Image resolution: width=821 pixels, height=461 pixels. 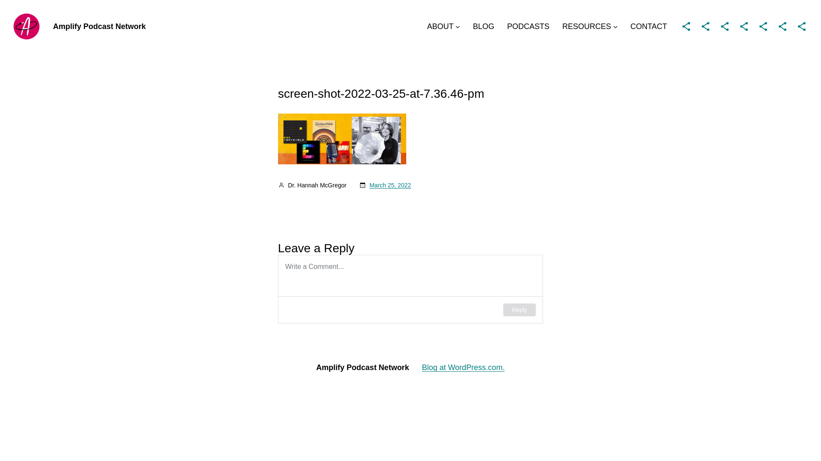 What do you see at coordinates (648, 26) in the screenshot?
I see `'CONTACT'` at bounding box center [648, 26].